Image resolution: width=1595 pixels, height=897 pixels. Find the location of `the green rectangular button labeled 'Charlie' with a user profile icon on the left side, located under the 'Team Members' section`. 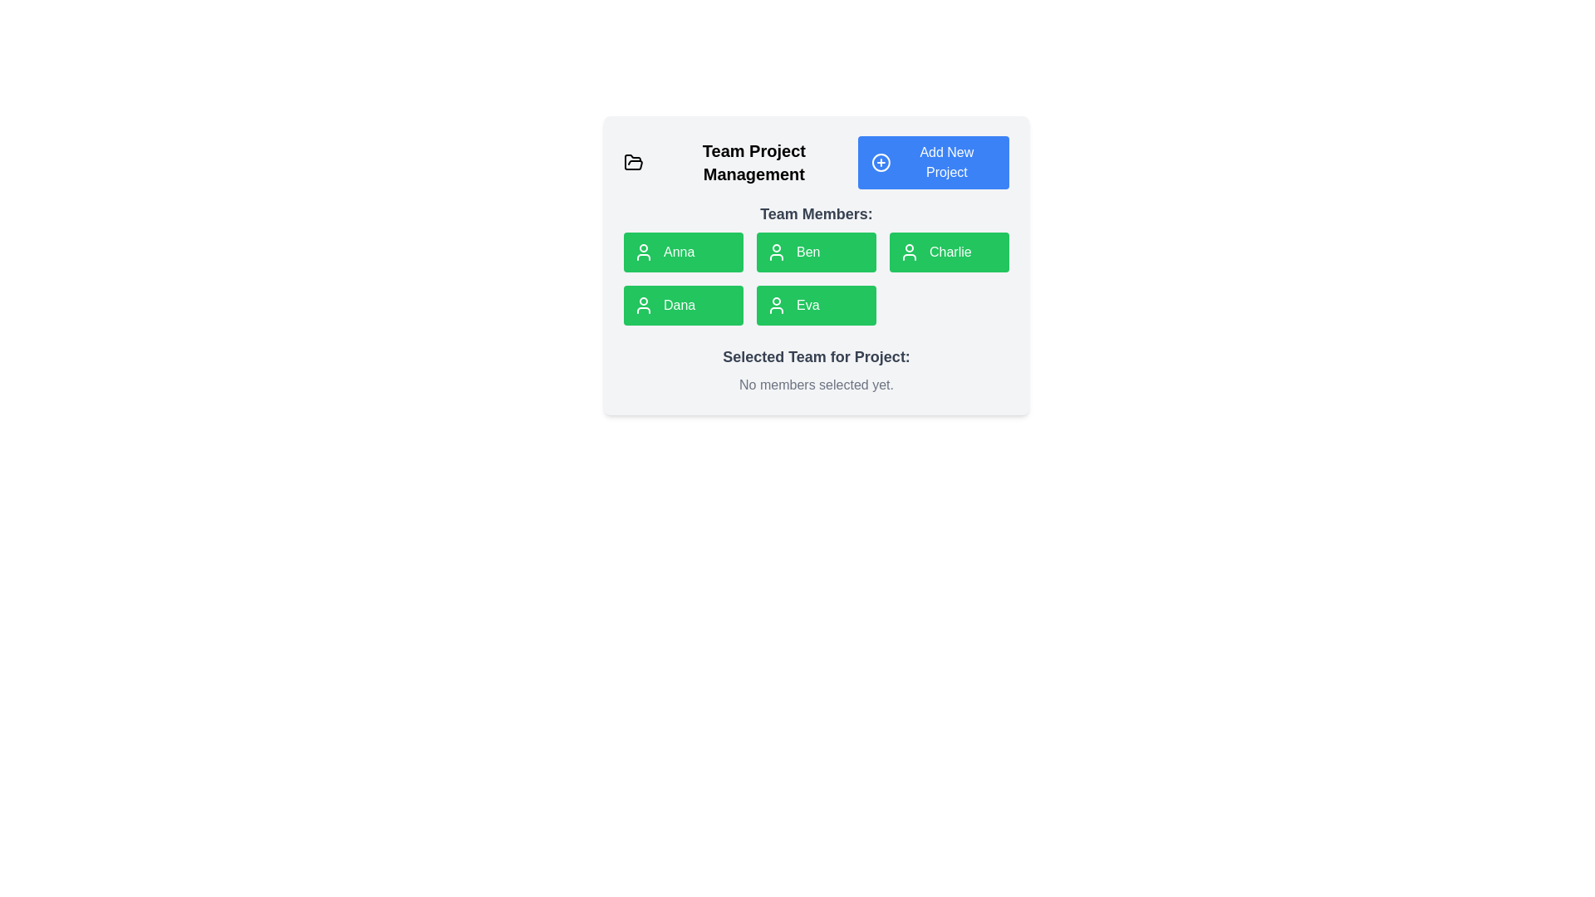

the green rectangular button labeled 'Charlie' with a user profile icon on the left side, located under the 'Team Members' section is located at coordinates (949, 252).